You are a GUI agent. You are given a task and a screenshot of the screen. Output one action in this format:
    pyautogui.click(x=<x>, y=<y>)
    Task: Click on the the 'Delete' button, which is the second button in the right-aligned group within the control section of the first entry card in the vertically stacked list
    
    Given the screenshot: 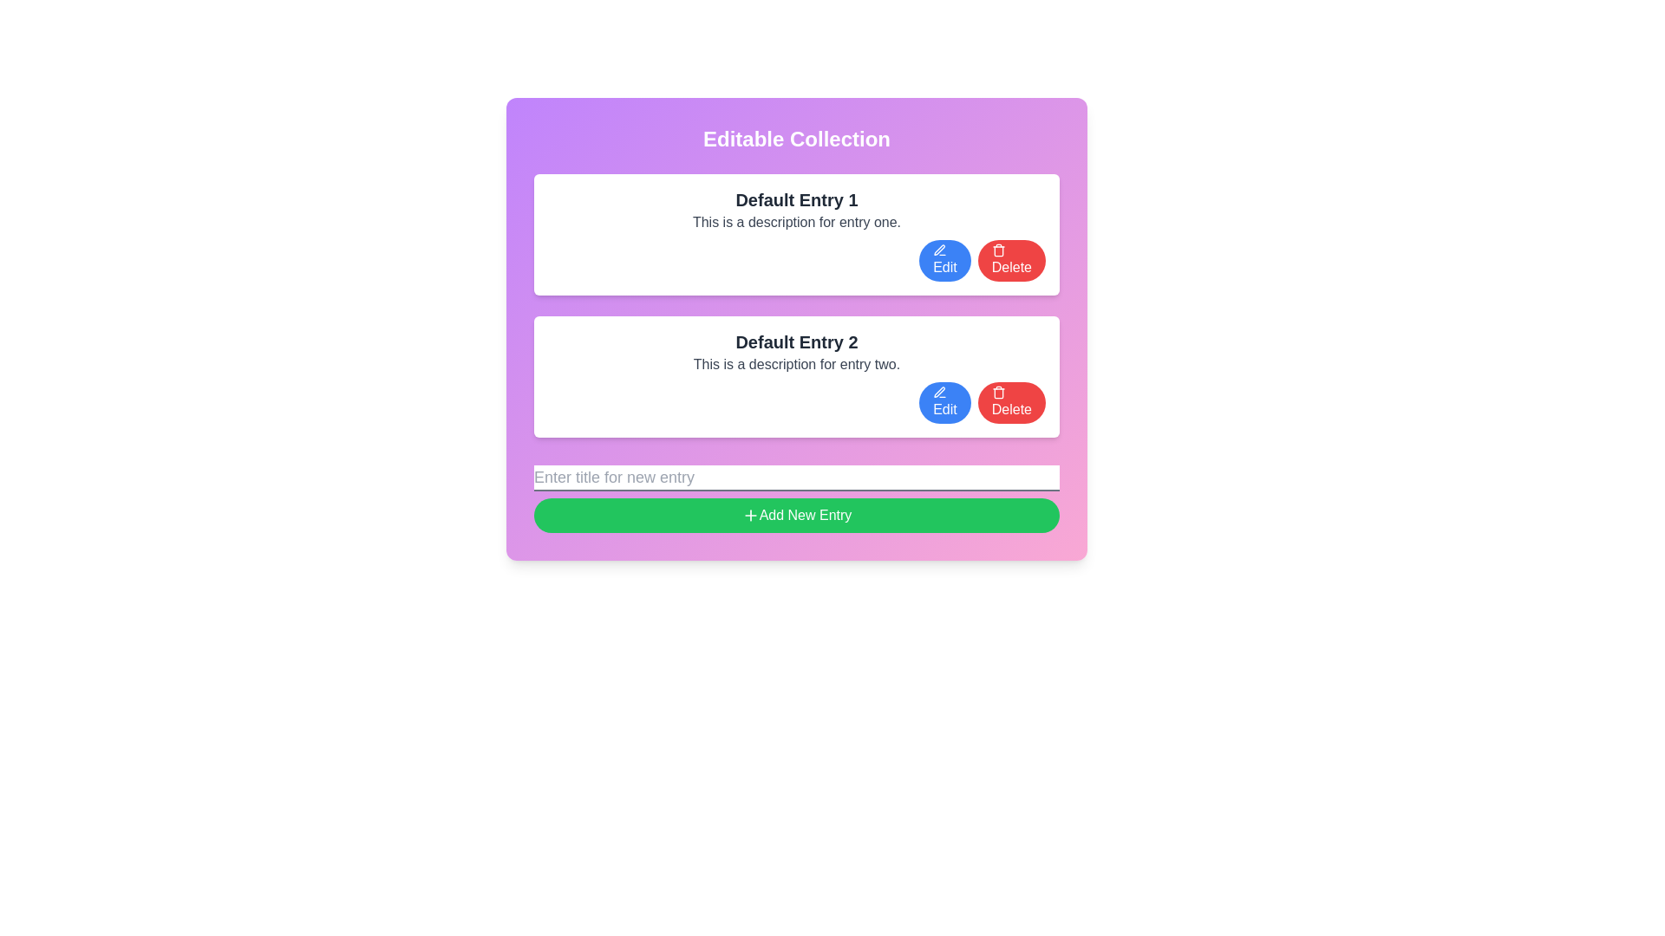 What is the action you would take?
    pyautogui.click(x=1011, y=260)
    